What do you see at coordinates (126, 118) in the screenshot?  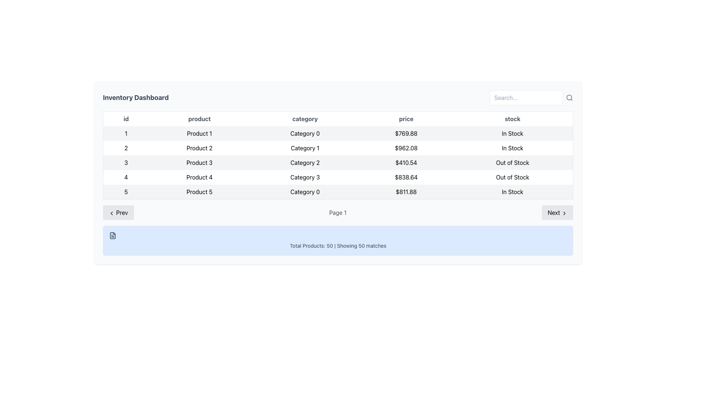 I see `text label 'id' located in the header row of the table, which is positioned at the top-left corner of the tabular data section` at bounding box center [126, 118].